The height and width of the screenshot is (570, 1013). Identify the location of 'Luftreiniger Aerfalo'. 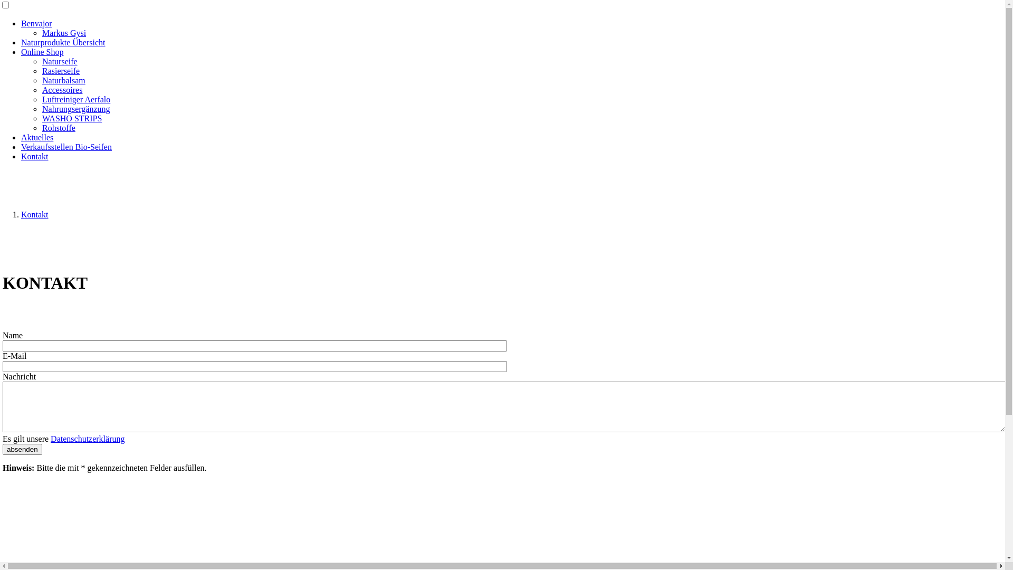
(75, 99).